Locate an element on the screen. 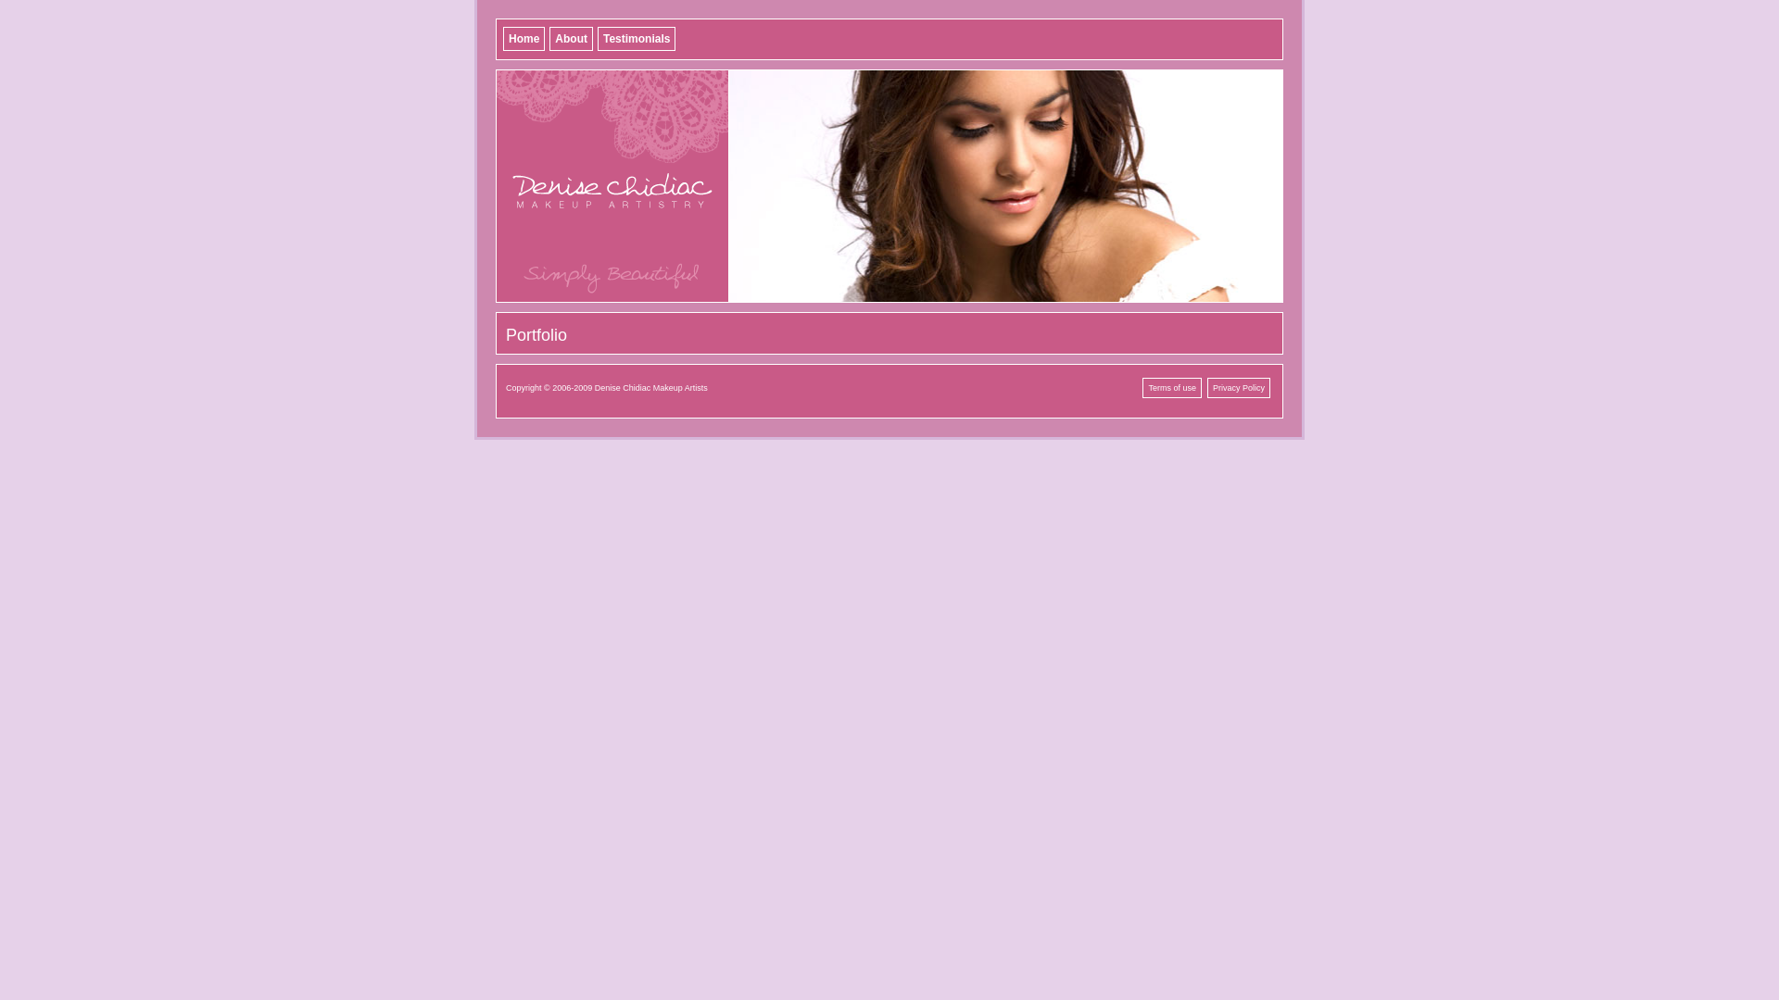  'About' is located at coordinates (570, 39).